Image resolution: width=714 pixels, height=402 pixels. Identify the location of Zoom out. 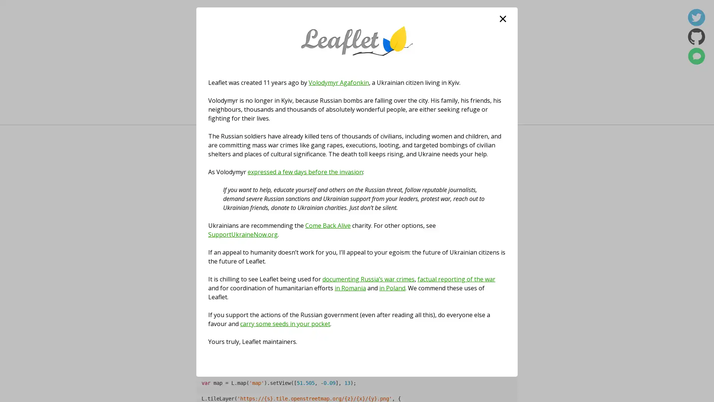
(207, 251).